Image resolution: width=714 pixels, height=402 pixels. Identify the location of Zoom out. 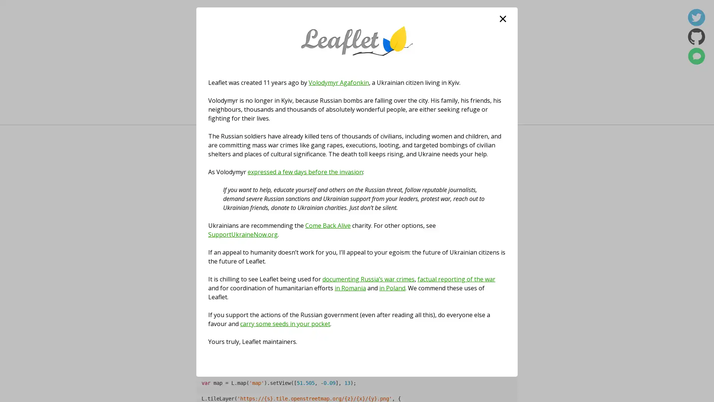
(207, 251).